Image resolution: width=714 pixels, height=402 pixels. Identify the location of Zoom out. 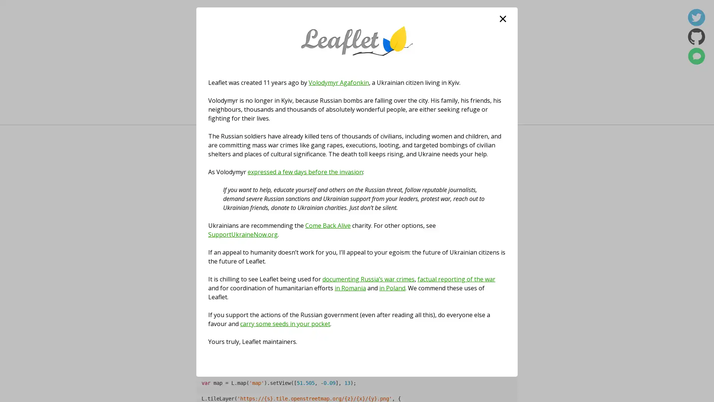
(207, 251).